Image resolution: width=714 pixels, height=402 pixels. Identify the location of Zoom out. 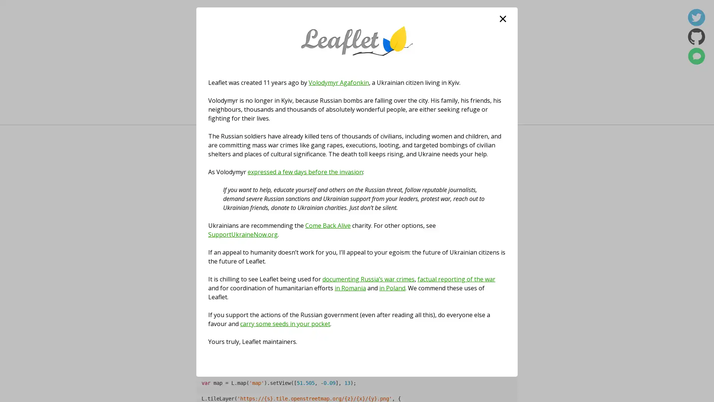
(207, 251).